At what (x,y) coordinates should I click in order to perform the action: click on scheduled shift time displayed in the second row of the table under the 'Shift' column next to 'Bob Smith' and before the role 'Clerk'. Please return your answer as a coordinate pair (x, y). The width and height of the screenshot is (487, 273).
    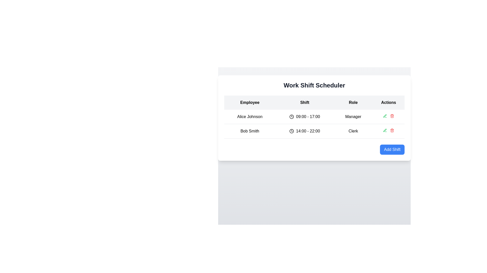
    Looking at the image, I should click on (304, 131).